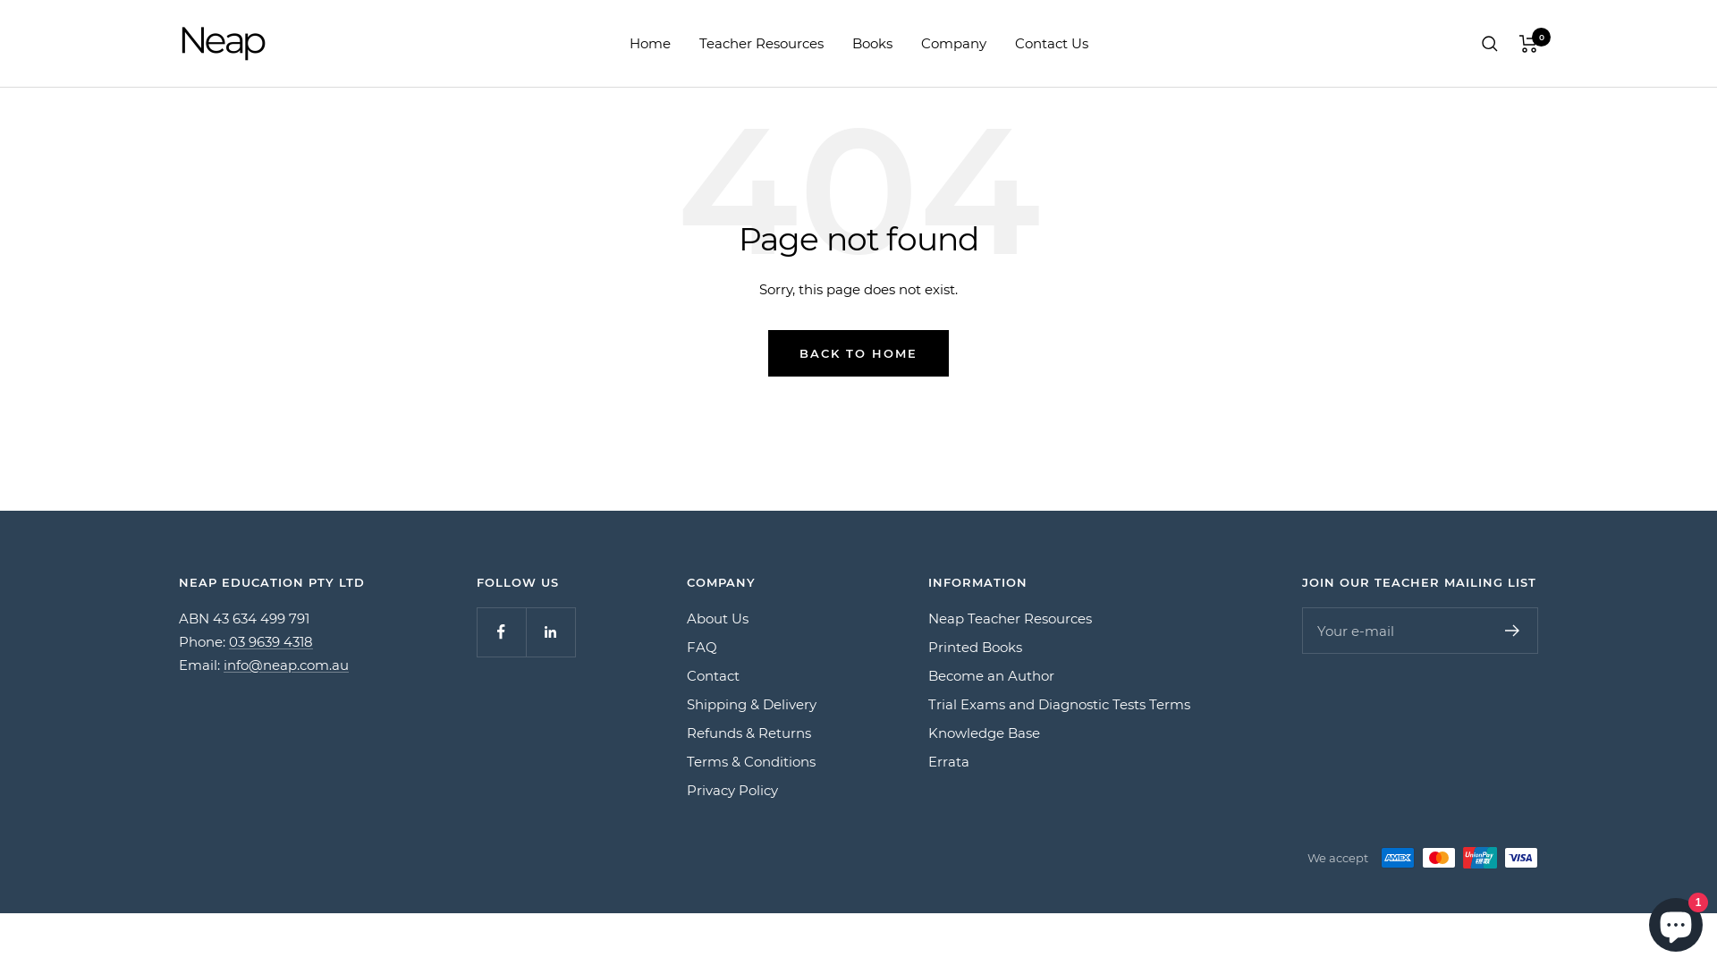 The width and height of the screenshot is (1717, 966). What do you see at coordinates (648, 43) in the screenshot?
I see `'Home'` at bounding box center [648, 43].